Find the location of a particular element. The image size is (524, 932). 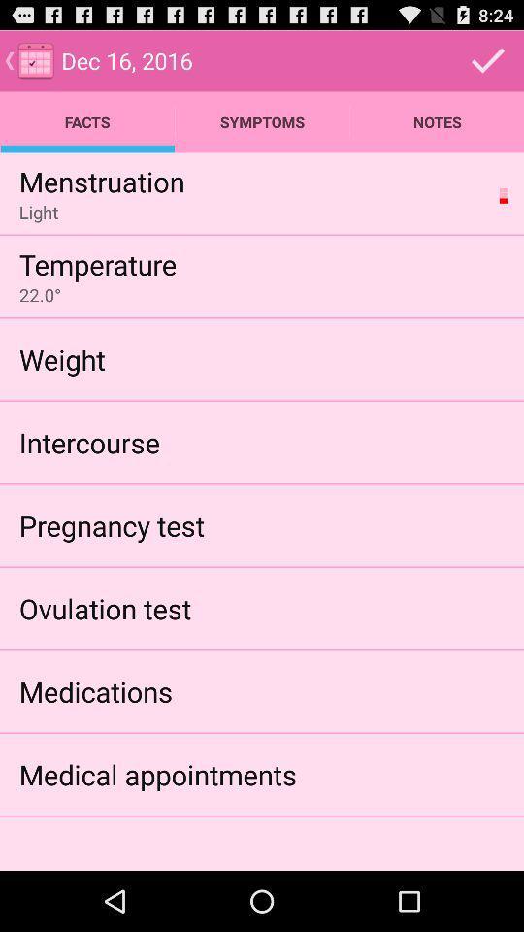

the item below ovulation test app is located at coordinates (94, 691).